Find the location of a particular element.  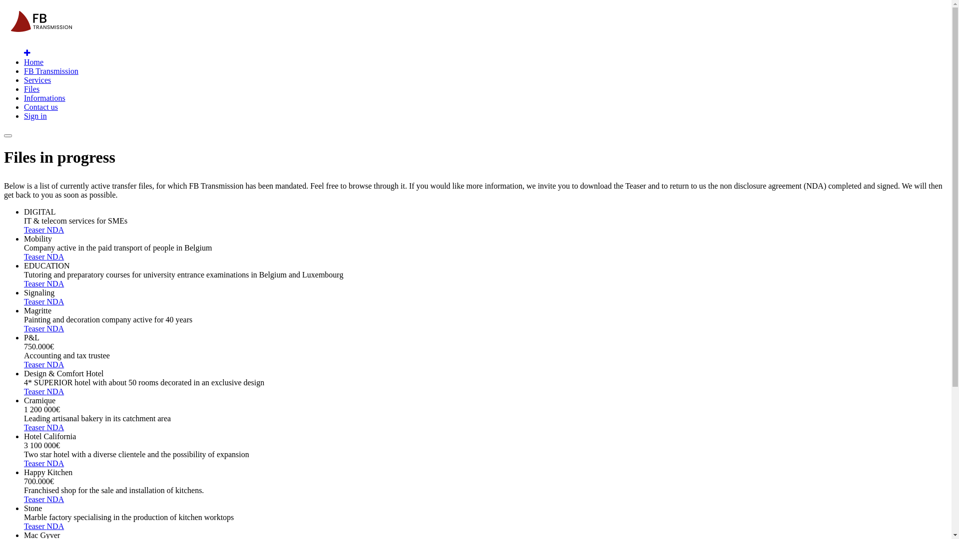

'Teaser' is located at coordinates (35, 328).